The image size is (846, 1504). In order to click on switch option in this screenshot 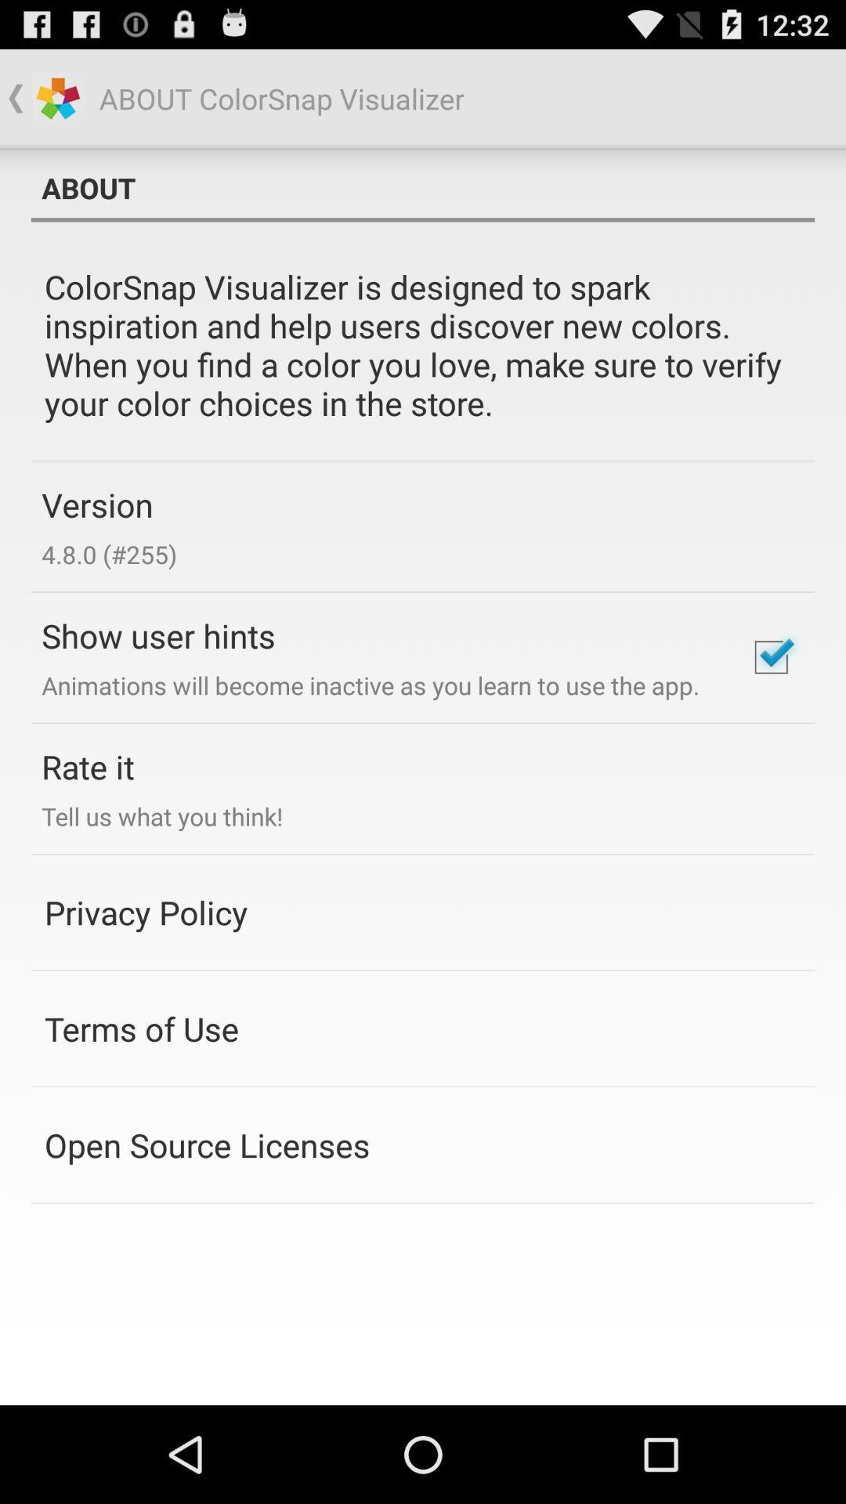, I will do `click(770, 657)`.